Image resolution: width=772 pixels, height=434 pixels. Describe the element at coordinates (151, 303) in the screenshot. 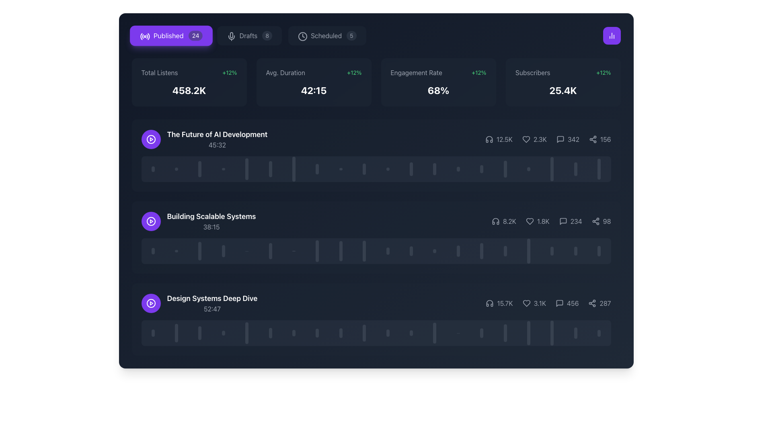

I see `the circular violet button with a white play icon` at that location.